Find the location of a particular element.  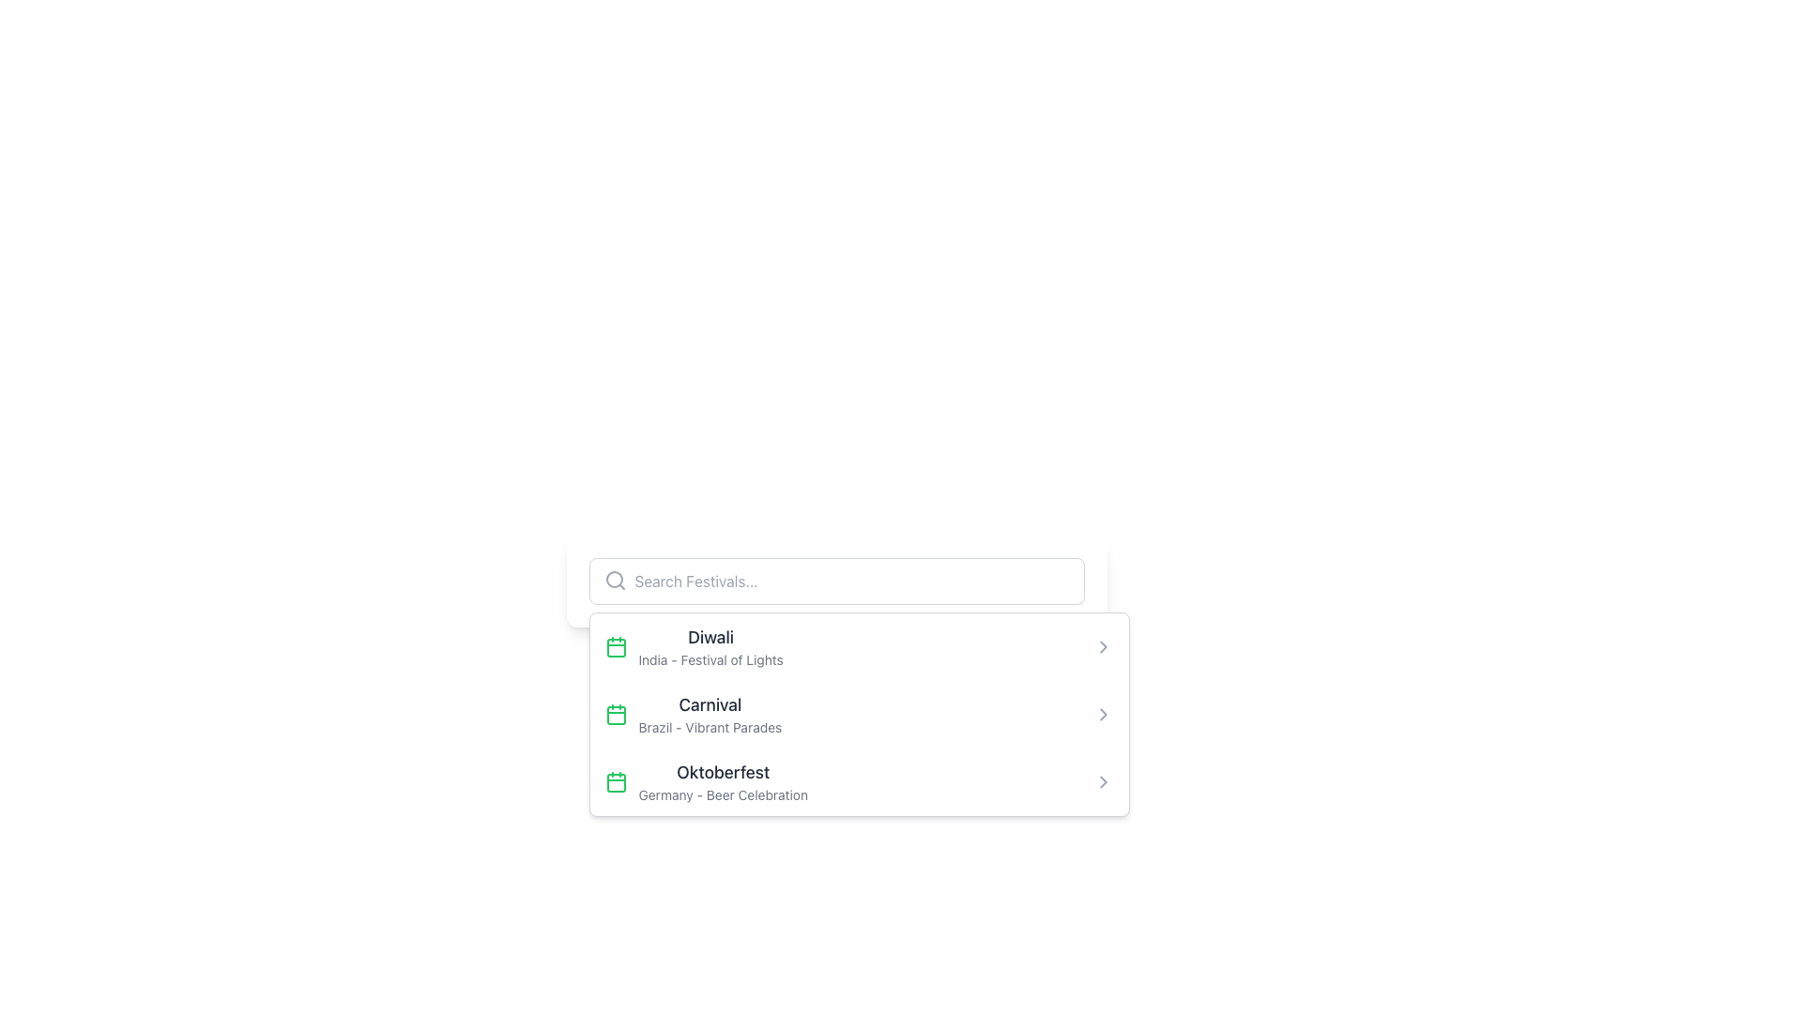

the green calendar icon located at the leftmost side of the 'Oktoberfest' entry in the list, which is described as 'Germany - Beer Celebration' is located at coordinates (616, 781).